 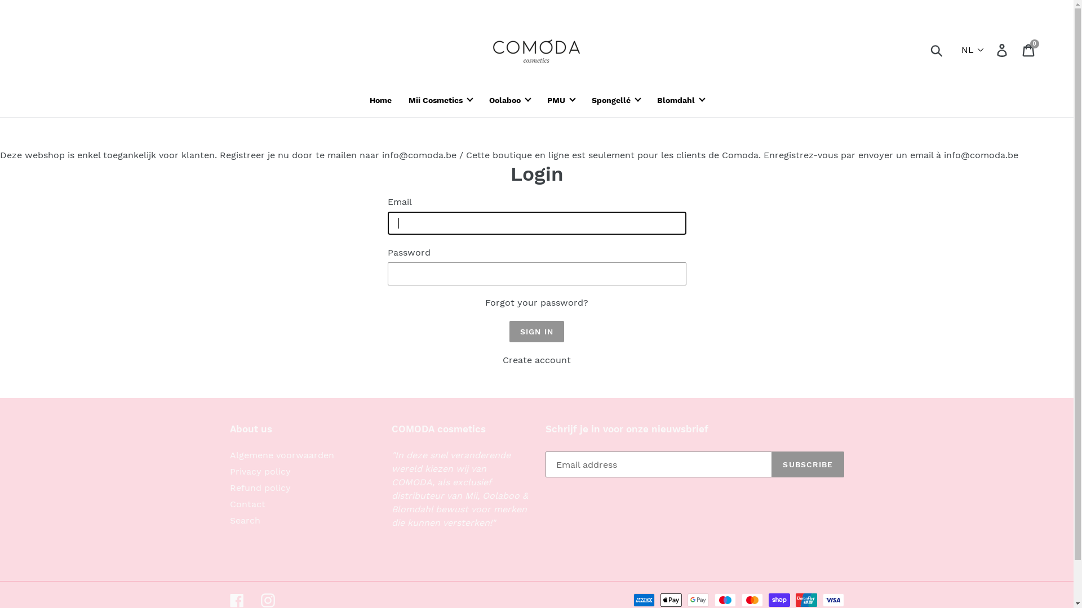 What do you see at coordinates (380, 99) in the screenshot?
I see `'Home'` at bounding box center [380, 99].